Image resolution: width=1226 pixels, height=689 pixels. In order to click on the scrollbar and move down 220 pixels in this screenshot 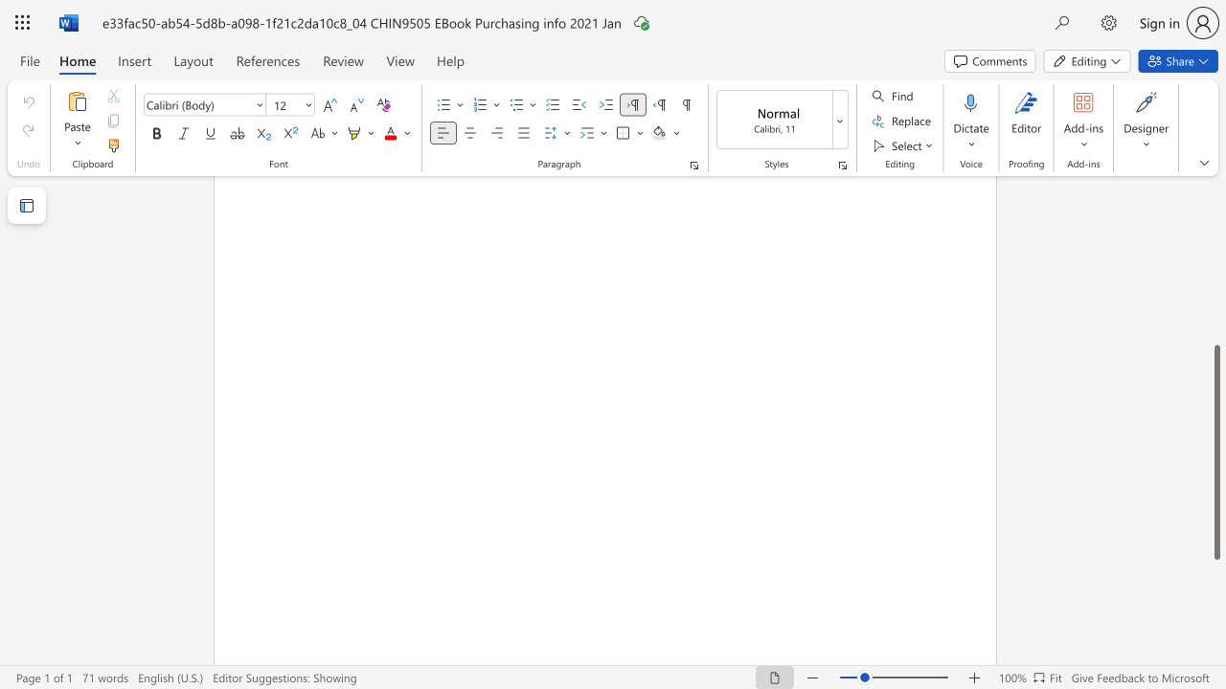, I will do `click(1215, 453)`.